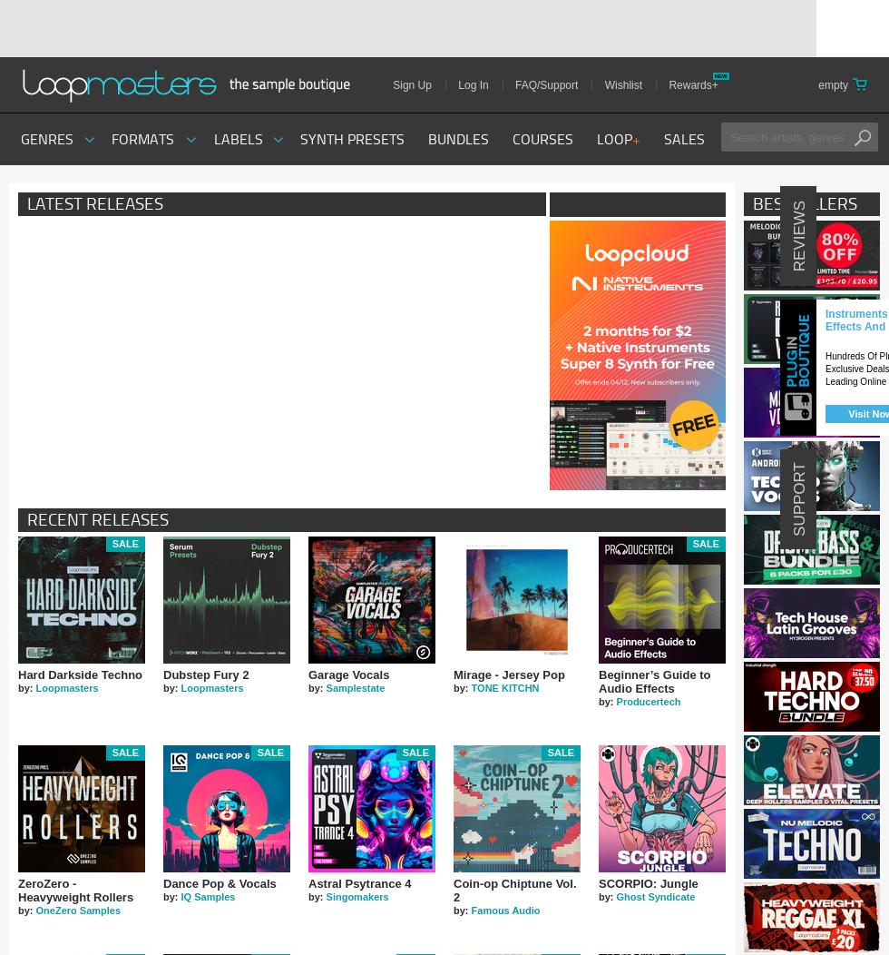 This screenshot has height=955, width=889. What do you see at coordinates (47, 138) in the screenshot?
I see `'Genres'` at bounding box center [47, 138].